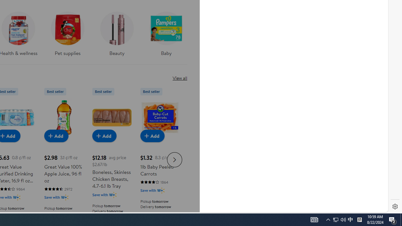  Describe the element at coordinates (166, 32) in the screenshot. I see `'Baby'` at that location.